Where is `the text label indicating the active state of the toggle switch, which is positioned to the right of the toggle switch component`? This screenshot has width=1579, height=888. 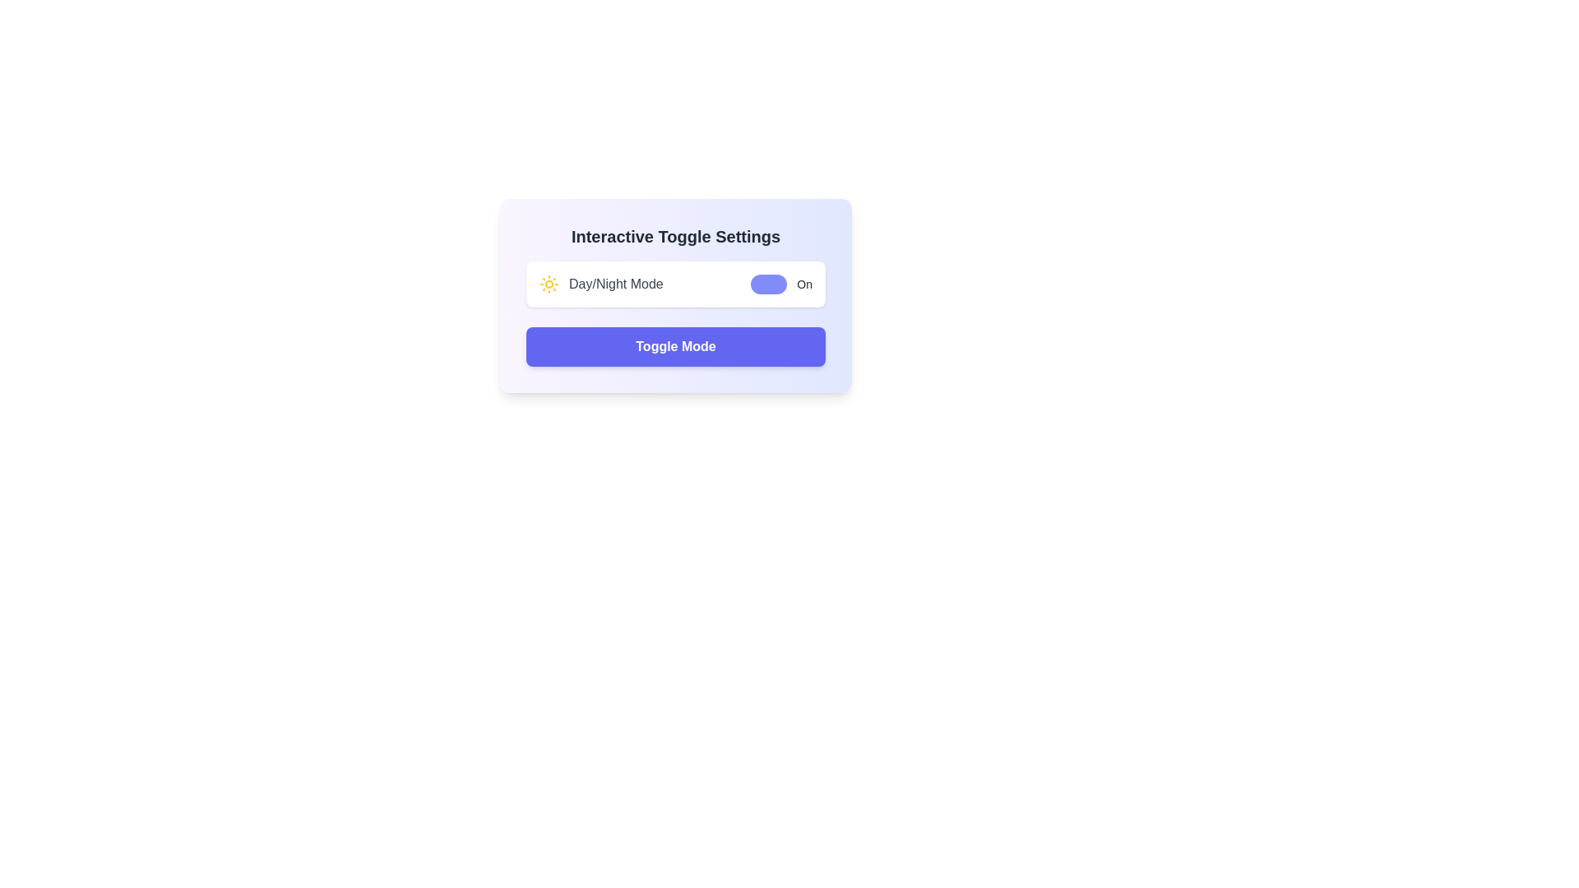 the text label indicating the active state of the toggle switch, which is positioned to the right of the toggle switch component is located at coordinates (804, 284).